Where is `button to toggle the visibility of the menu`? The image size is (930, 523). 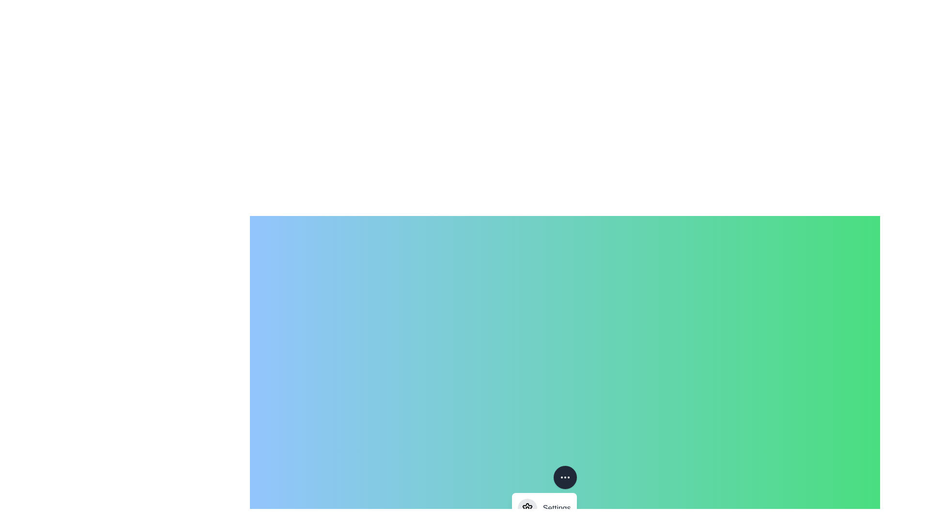
button to toggle the visibility of the menu is located at coordinates (565, 477).